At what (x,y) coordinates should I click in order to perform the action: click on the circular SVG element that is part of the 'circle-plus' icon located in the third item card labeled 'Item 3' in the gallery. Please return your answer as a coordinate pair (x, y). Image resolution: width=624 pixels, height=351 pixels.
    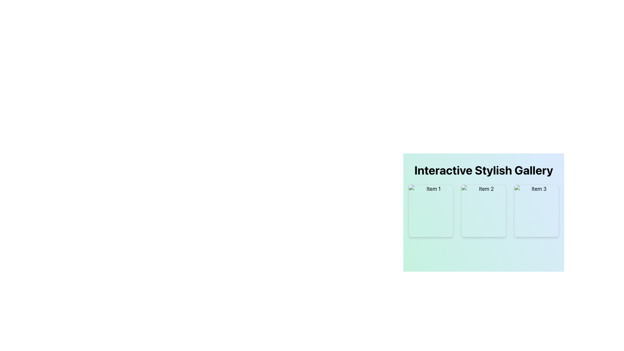
    Looking at the image, I should click on (536, 211).